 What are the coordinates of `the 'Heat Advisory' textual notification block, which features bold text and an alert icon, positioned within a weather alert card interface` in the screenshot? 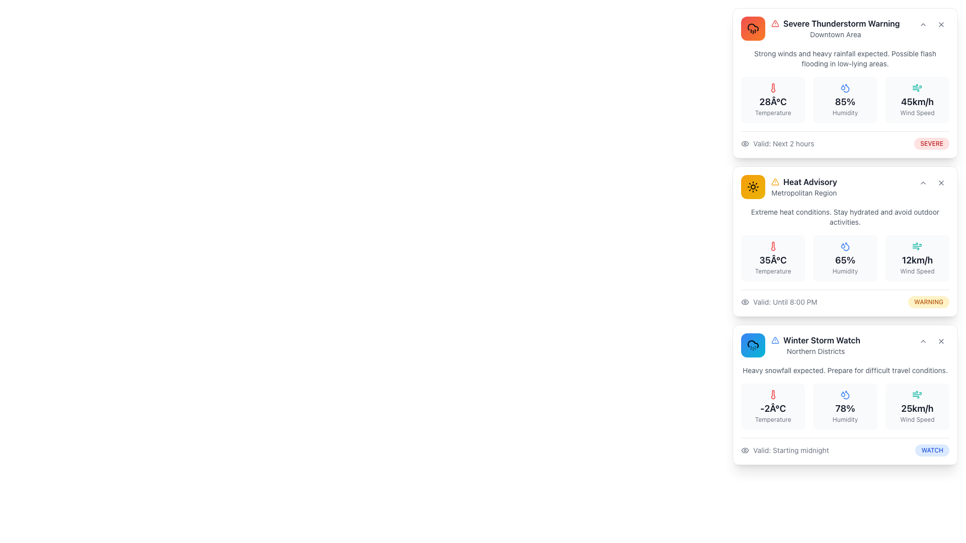 It's located at (803, 187).